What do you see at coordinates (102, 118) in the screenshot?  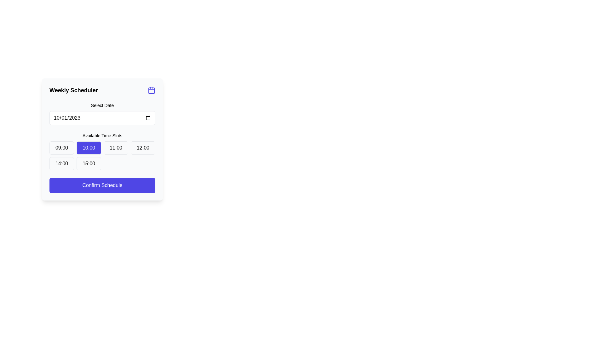 I see `the interactive date input field displaying '10/01/2023'` at bounding box center [102, 118].